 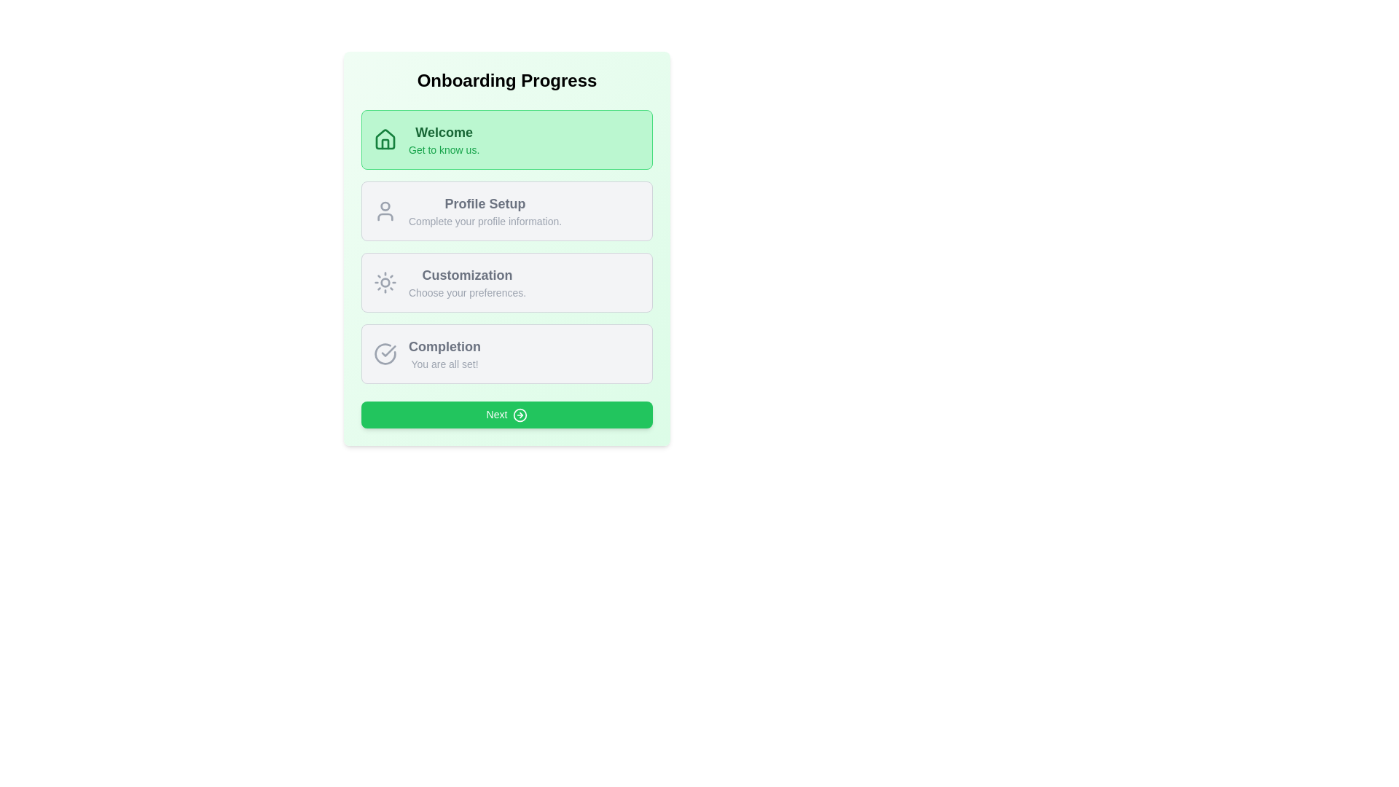 What do you see at coordinates (385, 354) in the screenshot?
I see `the completion status icon located in the 'Completion' card, which is positioned below 'Customization' and above the 'Next' button, aligning left to the text 'Completion' and 'You are all set!'` at bounding box center [385, 354].